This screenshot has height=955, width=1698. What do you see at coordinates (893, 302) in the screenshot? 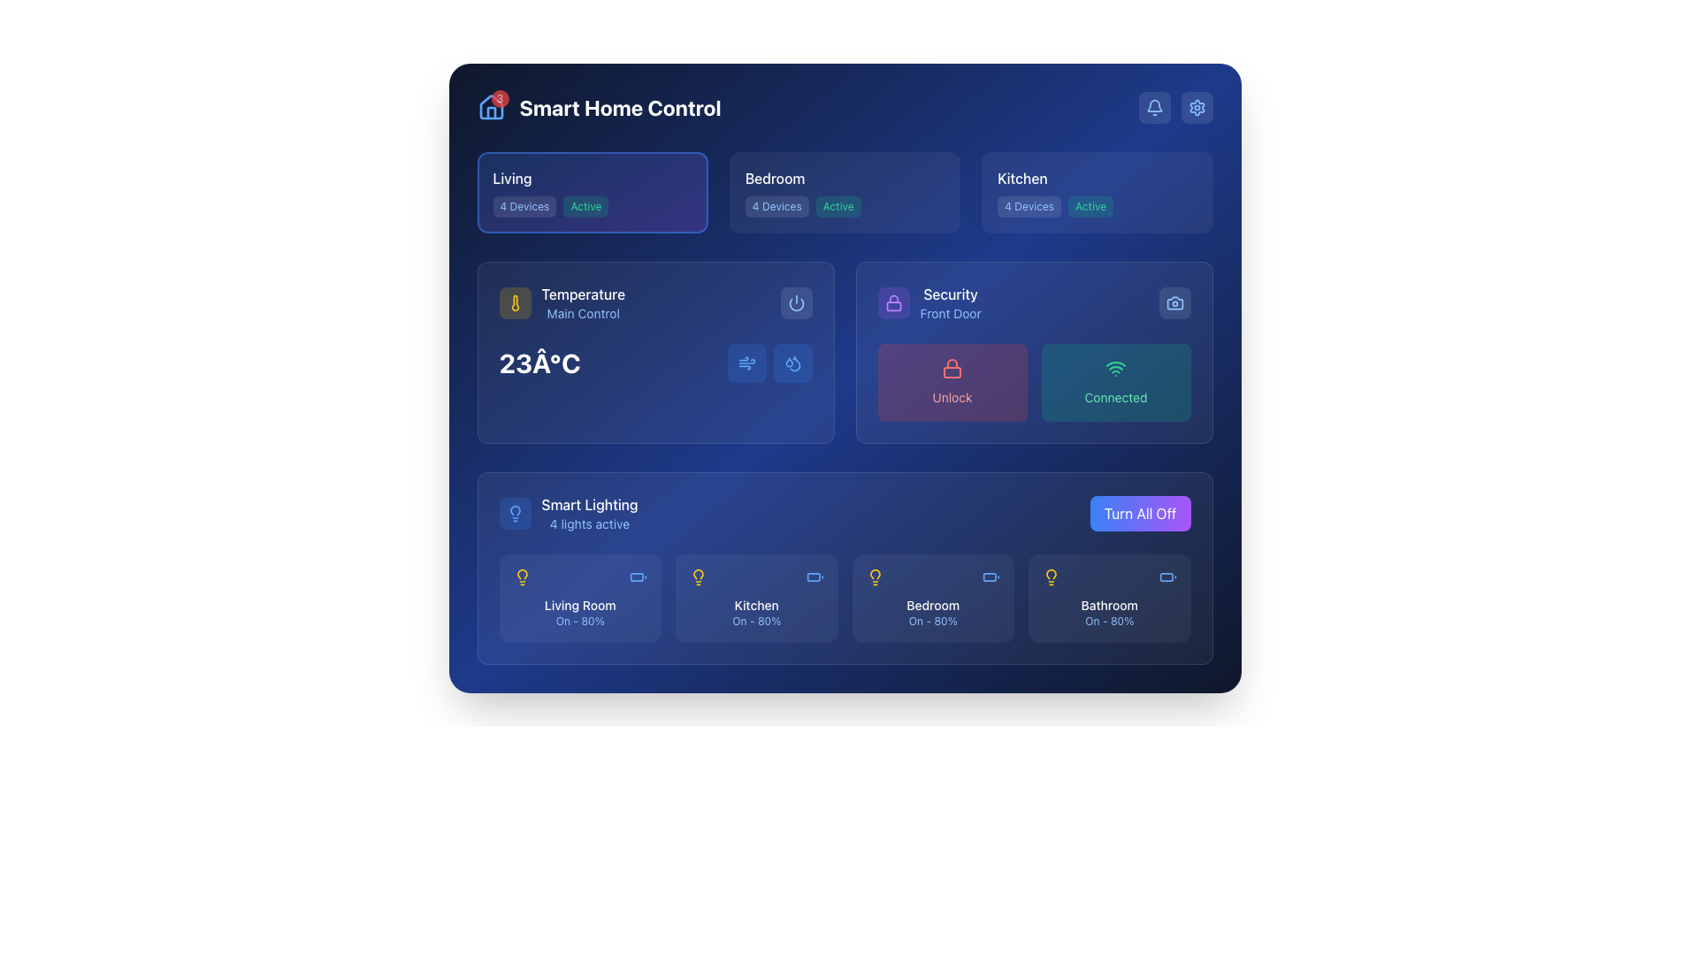
I see `lock icon representing security features in the 'Security - Front Door' section, located inside a purple-shaded rounded rectangle and adjacent to the 'Unlock' button` at bounding box center [893, 302].